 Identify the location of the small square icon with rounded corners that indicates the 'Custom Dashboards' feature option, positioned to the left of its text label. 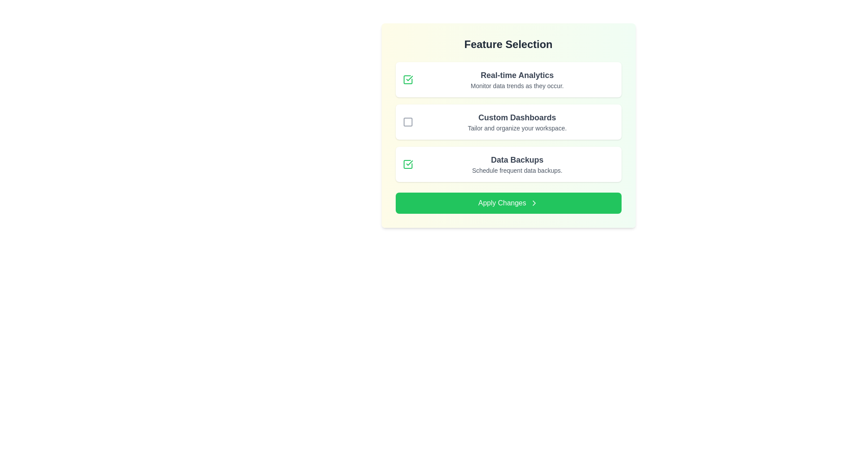
(407, 122).